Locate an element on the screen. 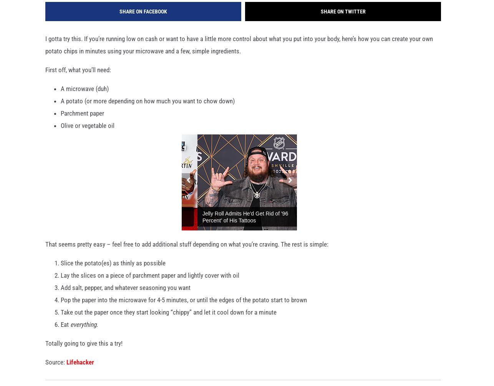 This screenshot has height=386, width=494. 'Totally going to give this a try!' is located at coordinates (84, 346).